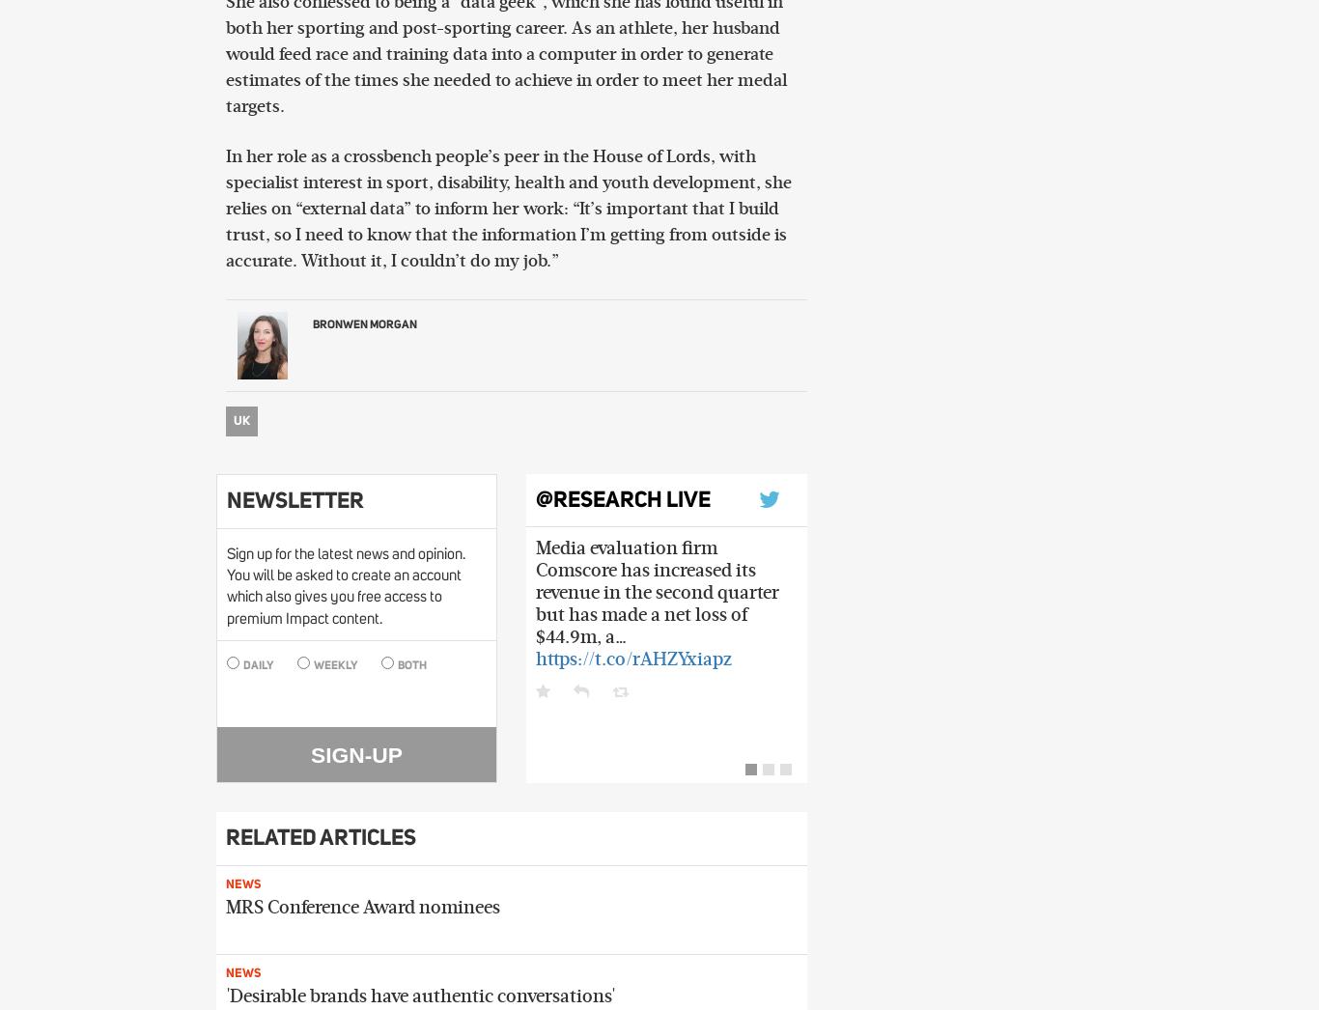 The image size is (1319, 1010). What do you see at coordinates (344, 552) in the screenshot?
I see `'Sign up for the latest news and opinion.'` at bounding box center [344, 552].